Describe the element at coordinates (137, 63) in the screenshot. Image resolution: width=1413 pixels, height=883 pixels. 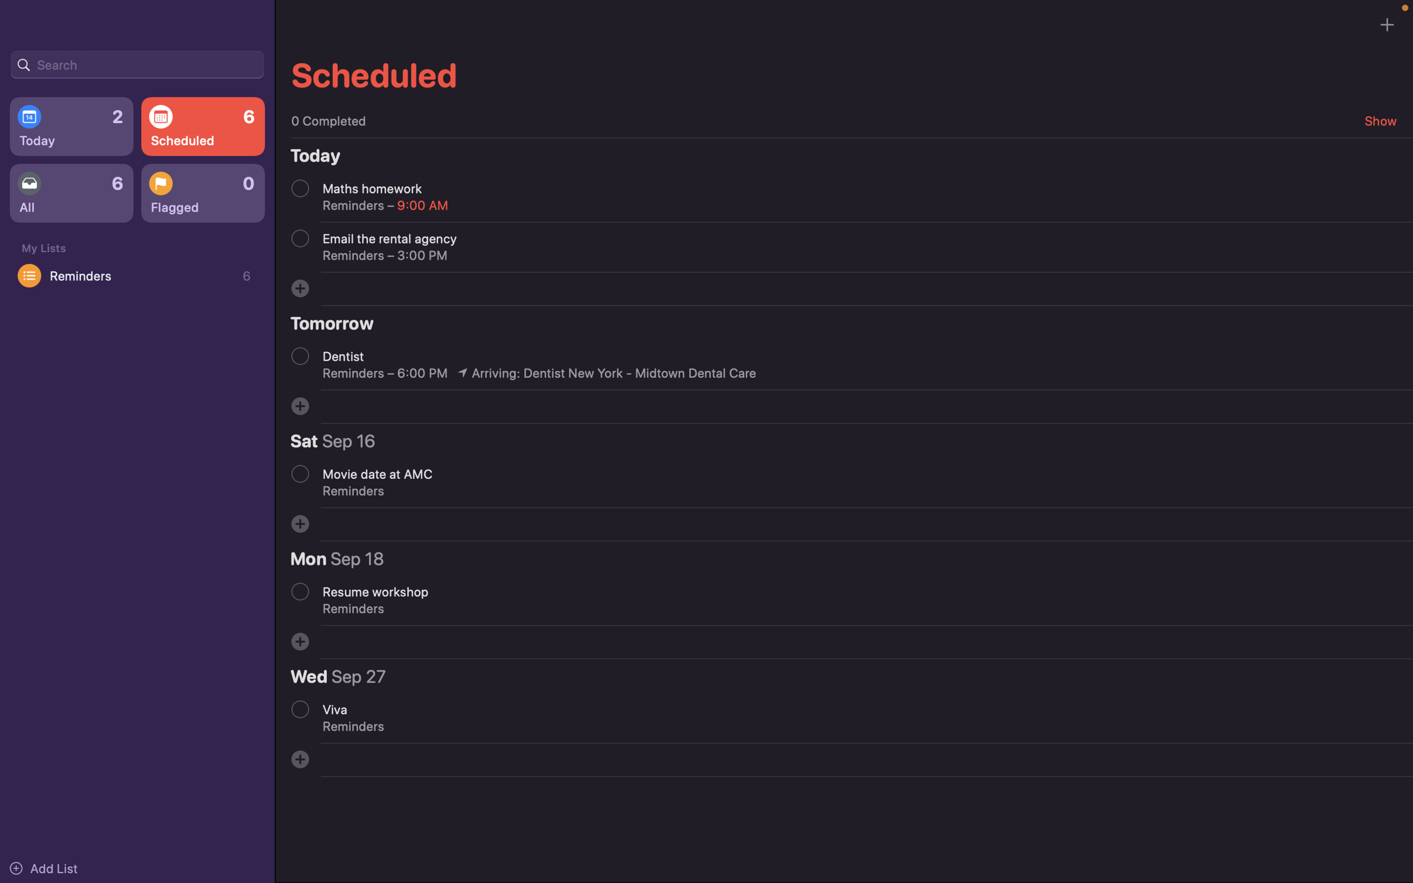
I see `information on the event "Product launch` at that location.